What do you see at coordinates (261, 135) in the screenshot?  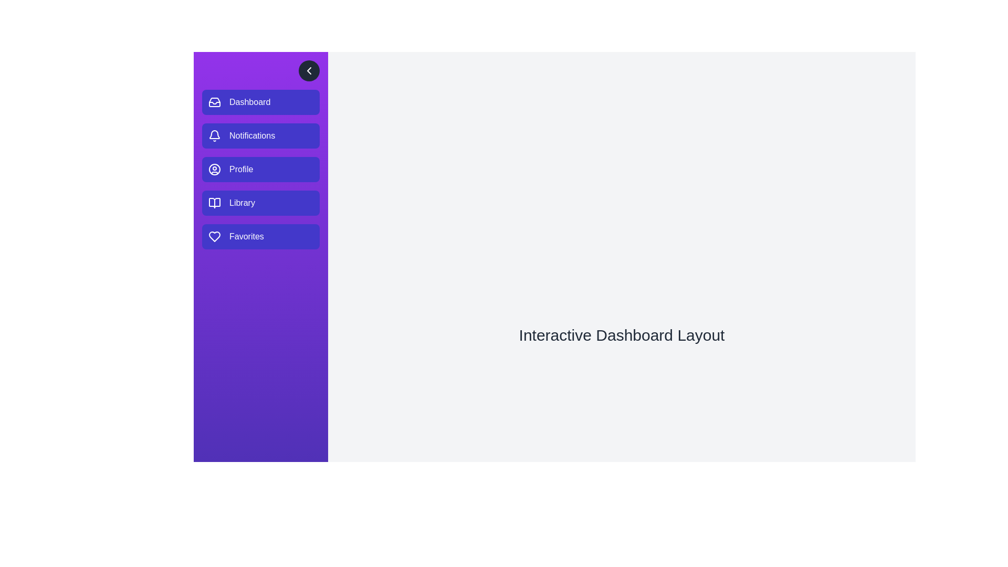 I see `the menu item labeled Notifications` at bounding box center [261, 135].